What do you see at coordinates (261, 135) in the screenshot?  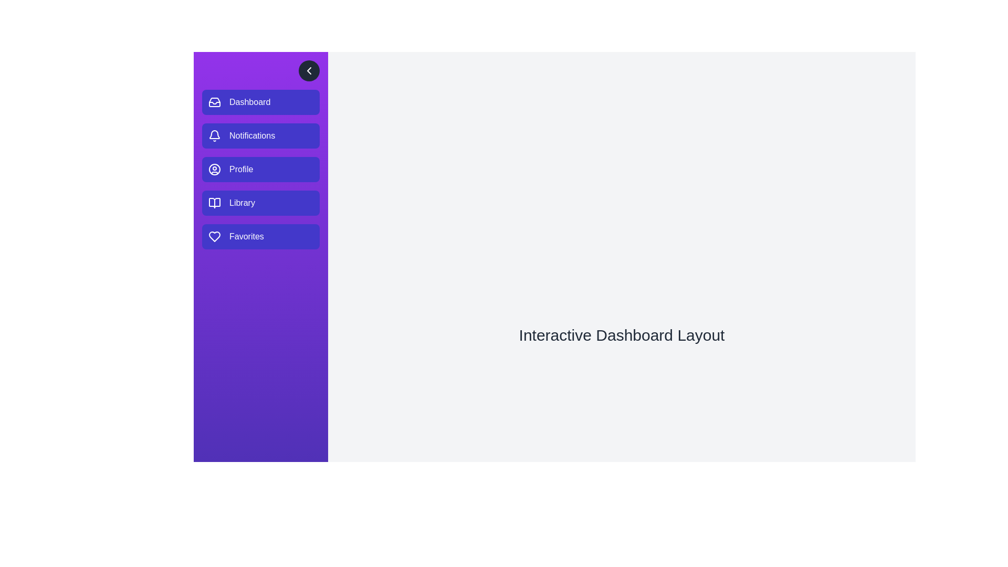 I see `the menu item labeled Notifications` at bounding box center [261, 135].